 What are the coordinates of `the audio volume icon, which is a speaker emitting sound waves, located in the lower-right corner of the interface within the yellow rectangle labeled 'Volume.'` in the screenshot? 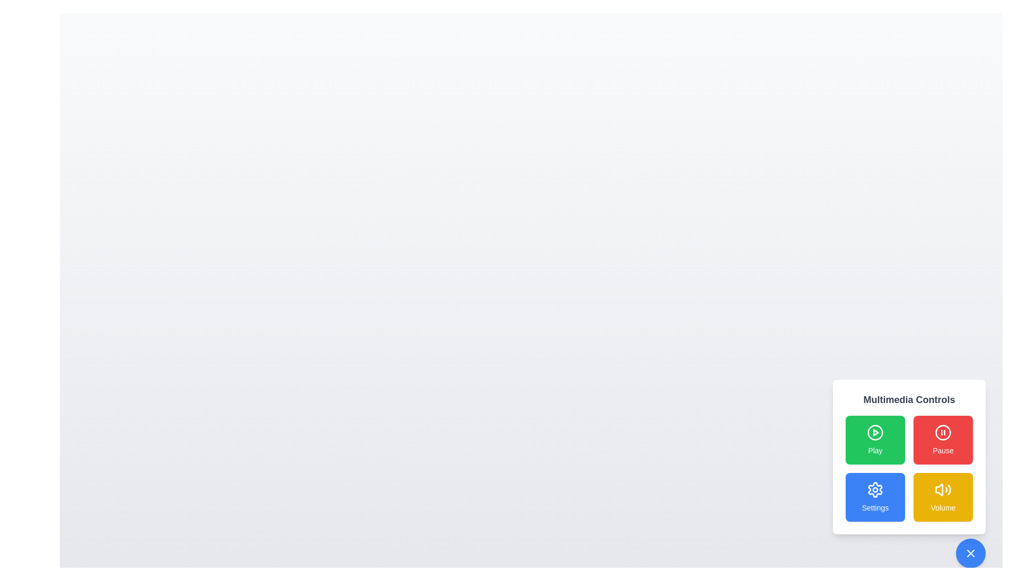 It's located at (943, 490).